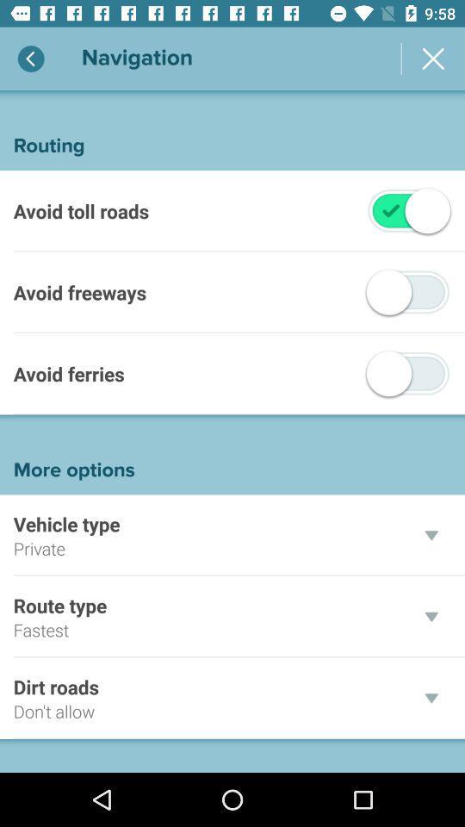  What do you see at coordinates (432, 59) in the screenshot?
I see `the cancel icon` at bounding box center [432, 59].